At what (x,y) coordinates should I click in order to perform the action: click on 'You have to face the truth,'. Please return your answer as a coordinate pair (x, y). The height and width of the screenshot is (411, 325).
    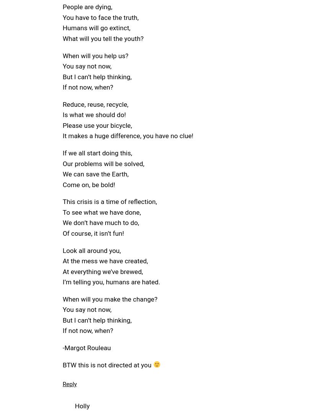
    Looking at the image, I should click on (100, 17).